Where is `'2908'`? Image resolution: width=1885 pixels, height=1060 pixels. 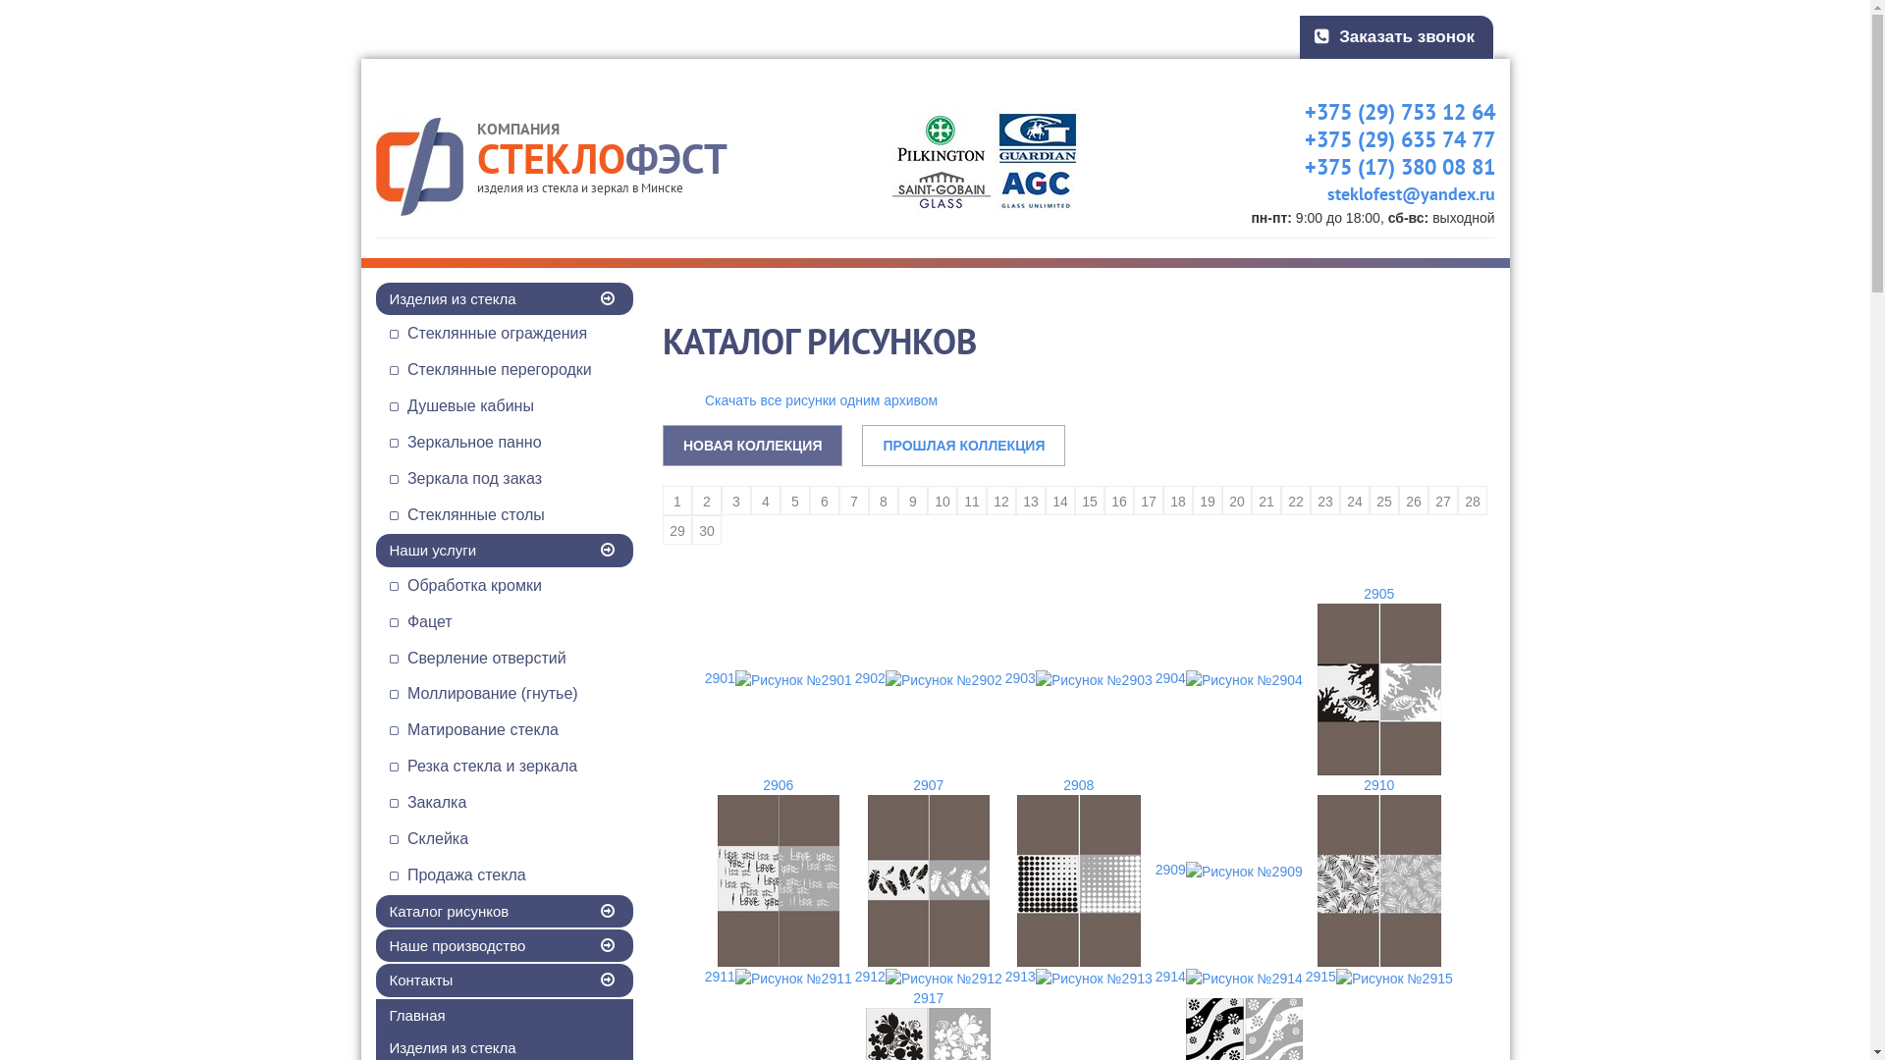
'2908' is located at coordinates (1077, 870).